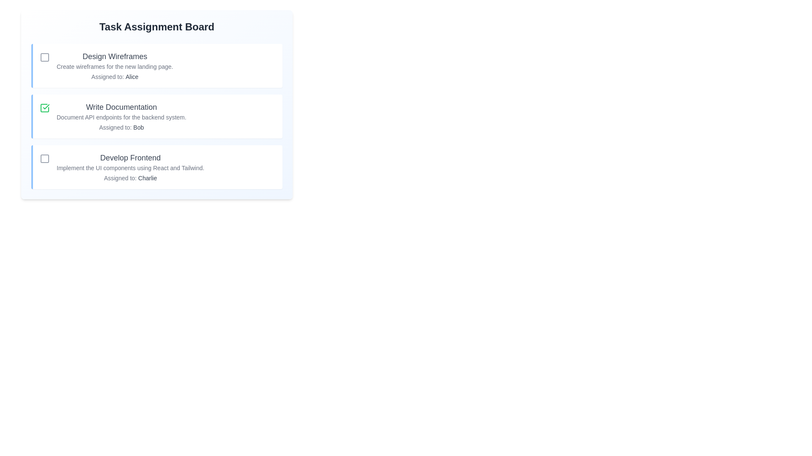  What do you see at coordinates (156, 167) in the screenshot?
I see `the third task card in the Task Assignment Board` at bounding box center [156, 167].